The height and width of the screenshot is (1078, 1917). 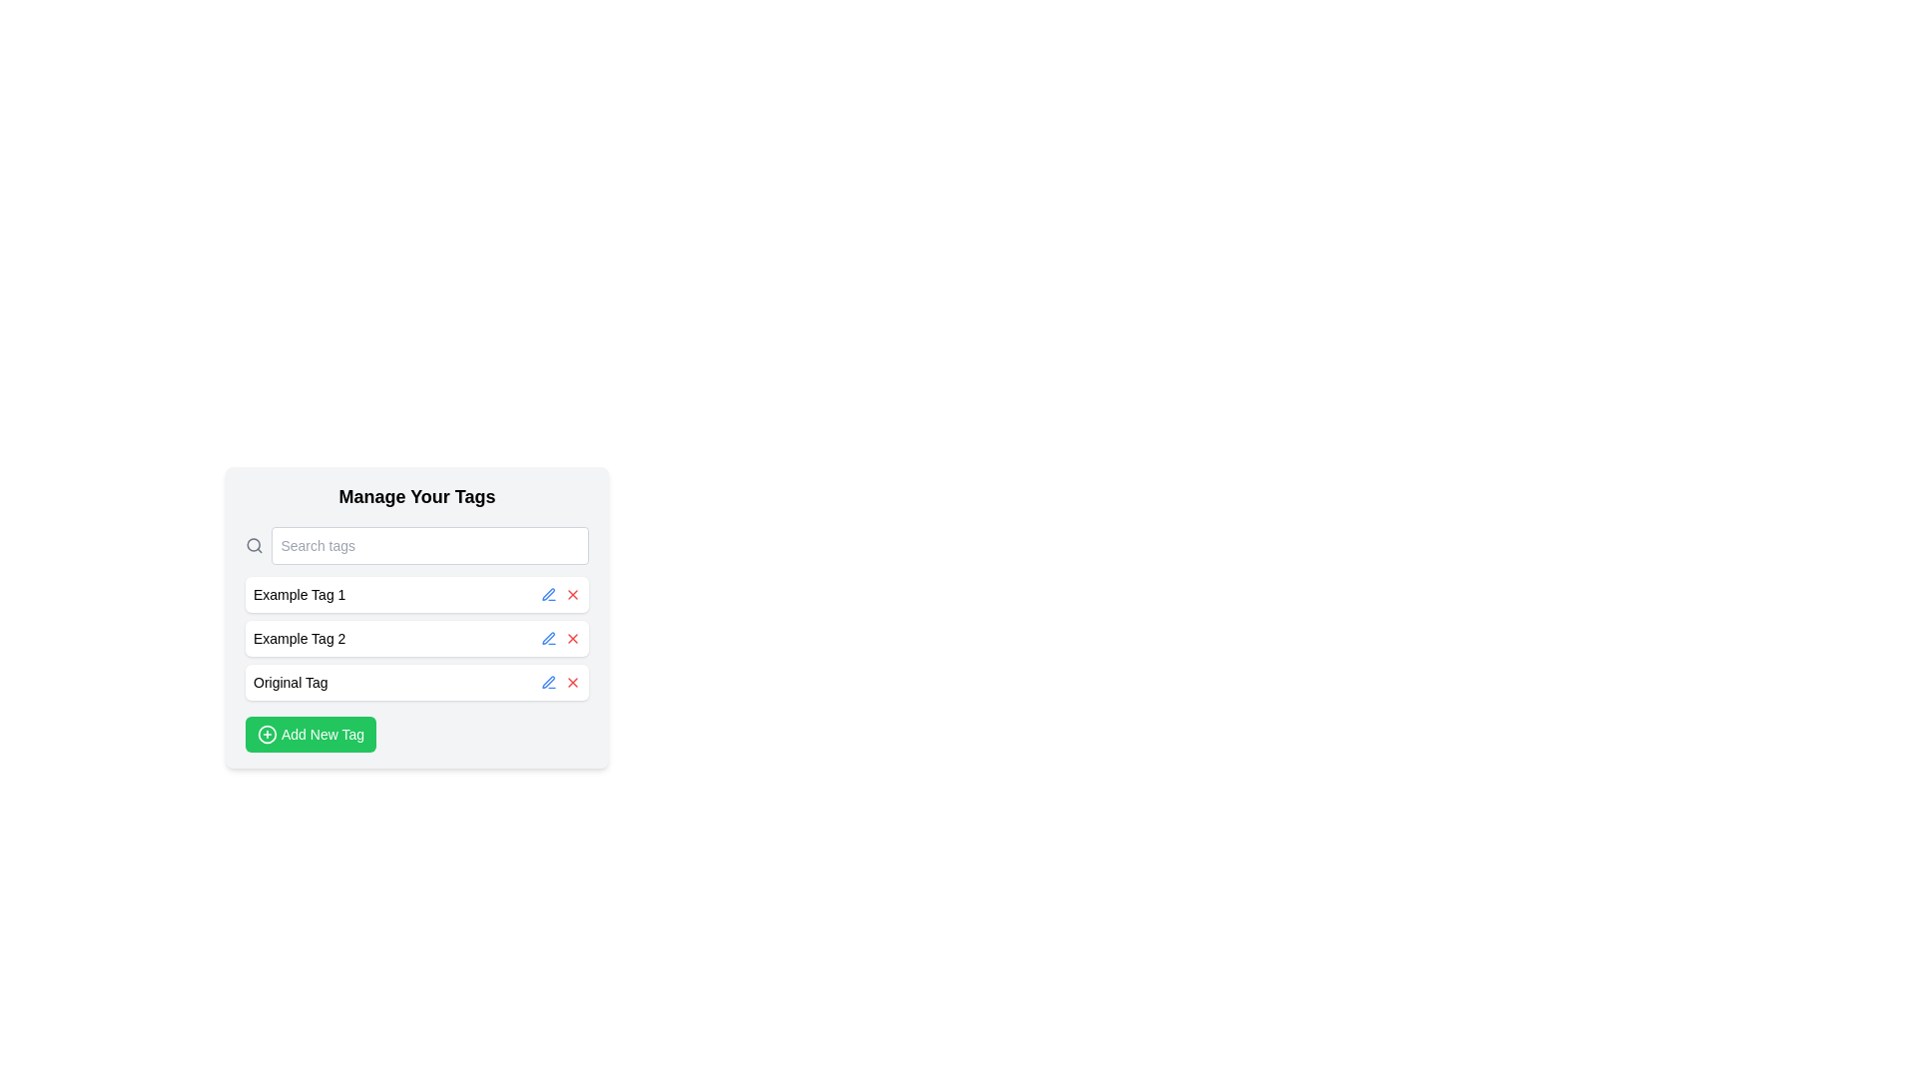 What do you see at coordinates (253, 545) in the screenshot?
I see `the circular lens component of the magnifying glass icon located at the center-left of the icon, which is situated in the header's left side before the 'Search tags' input field` at bounding box center [253, 545].